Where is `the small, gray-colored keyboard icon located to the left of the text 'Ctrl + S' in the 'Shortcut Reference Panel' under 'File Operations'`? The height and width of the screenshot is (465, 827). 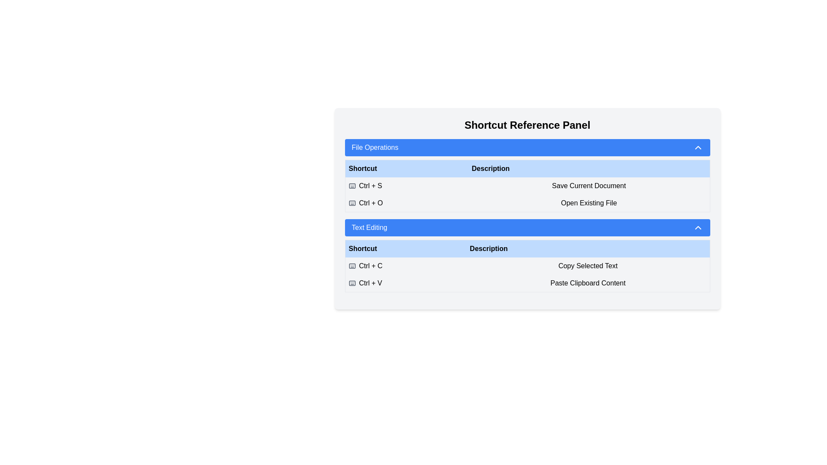
the small, gray-colored keyboard icon located to the left of the text 'Ctrl + S' in the 'Shortcut Reference Panel' under 'File Operations' is located at coordinates (352, 186).